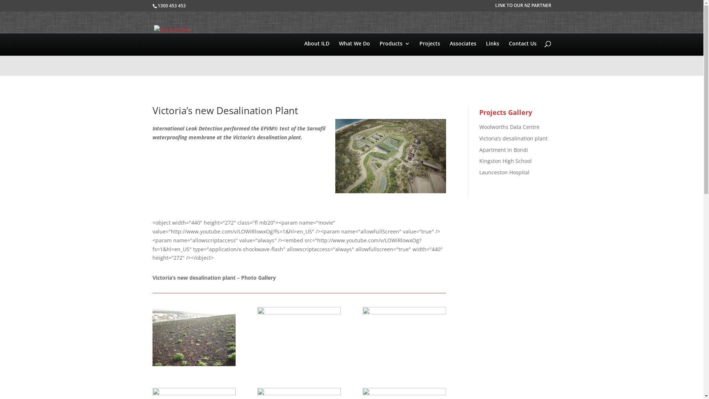 This screenshot has height=399, width=709. Describe the element at coordinates (449, 58) in the screenshot. I see `'Associates'` at that location.